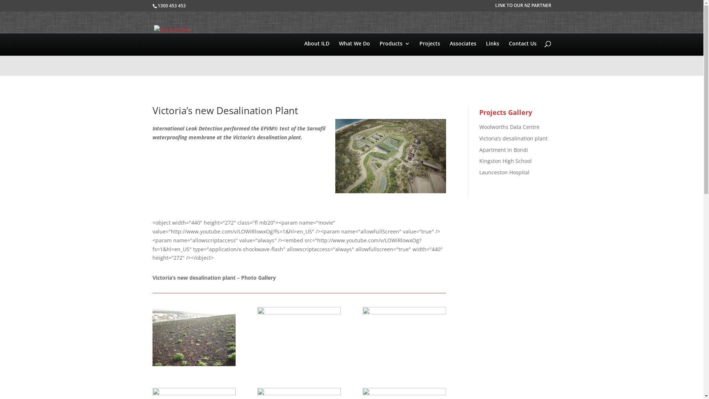 This screenshot has height=399, width=709. Describe the element at coordinates (449, 58) in the screenshot. I see `'Associates'` at that location.